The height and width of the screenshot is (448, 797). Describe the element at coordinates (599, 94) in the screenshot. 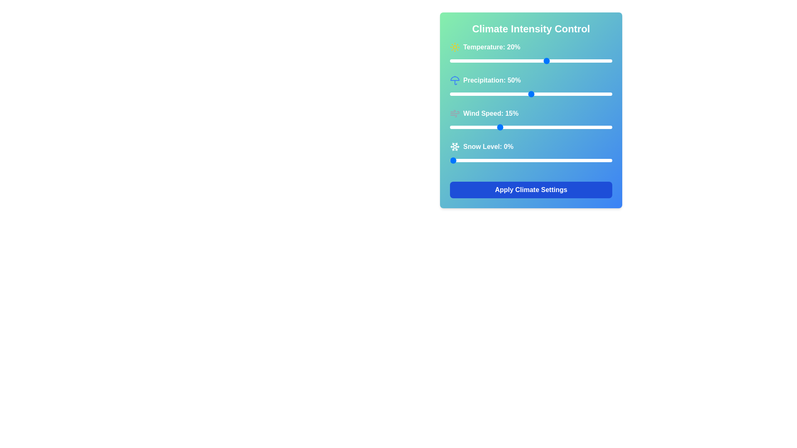

I see `precipitation` at that location.